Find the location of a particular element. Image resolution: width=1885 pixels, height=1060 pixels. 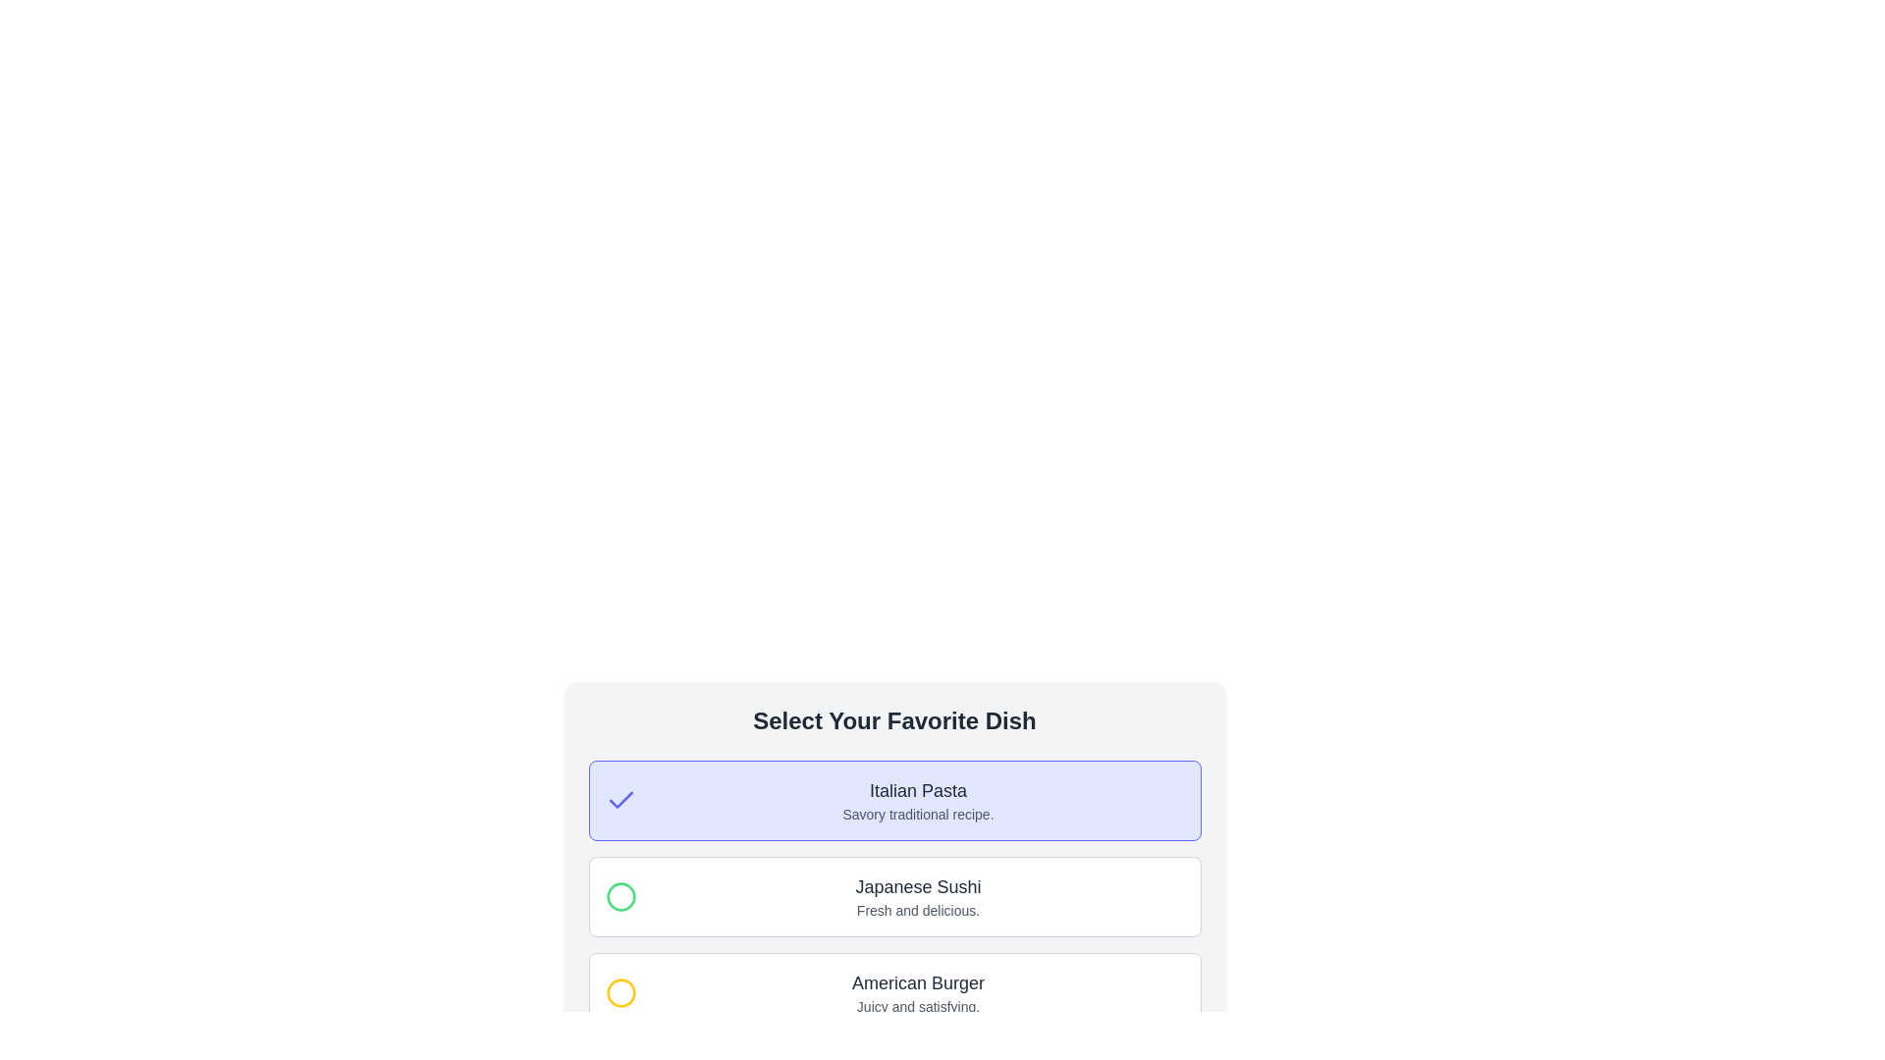

the circular status icon with a green border representing the selection indicator for 'Japanese Sushi' is located at coordinates (619, 897).